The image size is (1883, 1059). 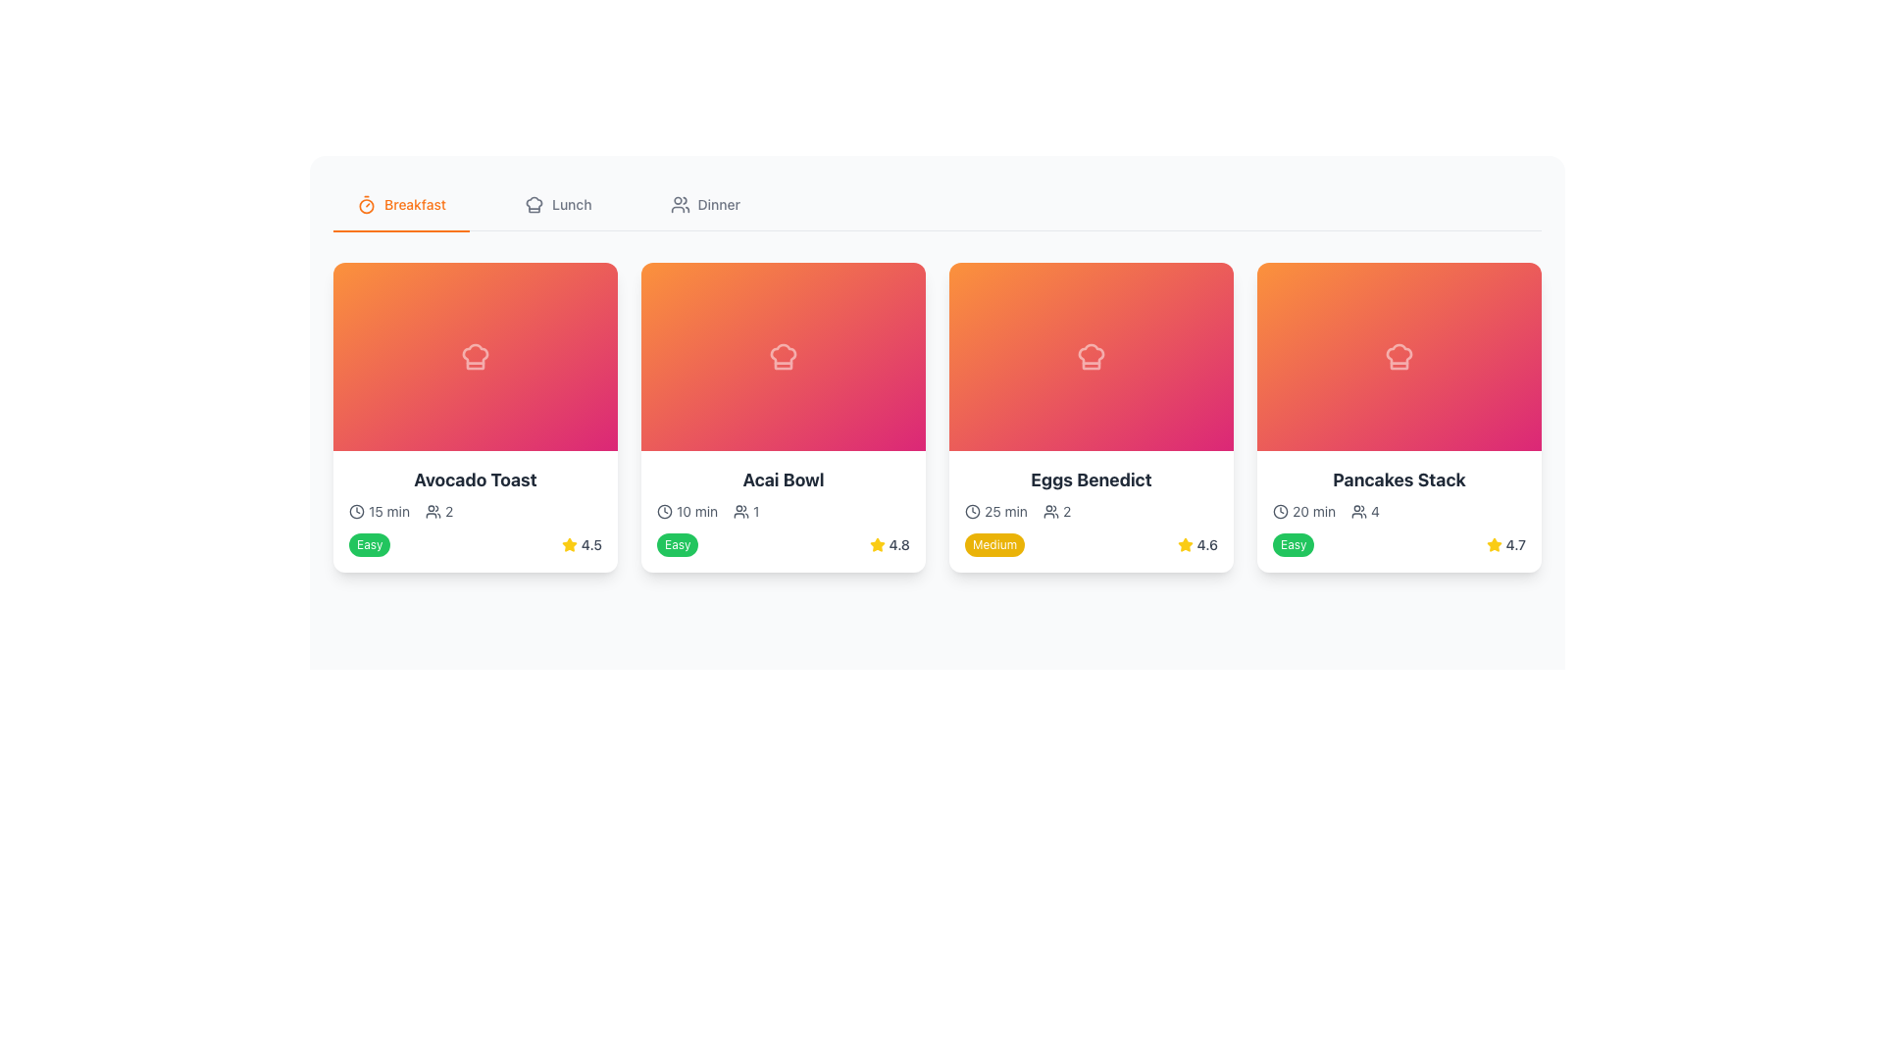 I want to click on the text label displaying the rating '4.5', which is located immediately to the right of a yellow star icon within the rating display of the 'Avocado Toast' card, so click(x=590, y=544).